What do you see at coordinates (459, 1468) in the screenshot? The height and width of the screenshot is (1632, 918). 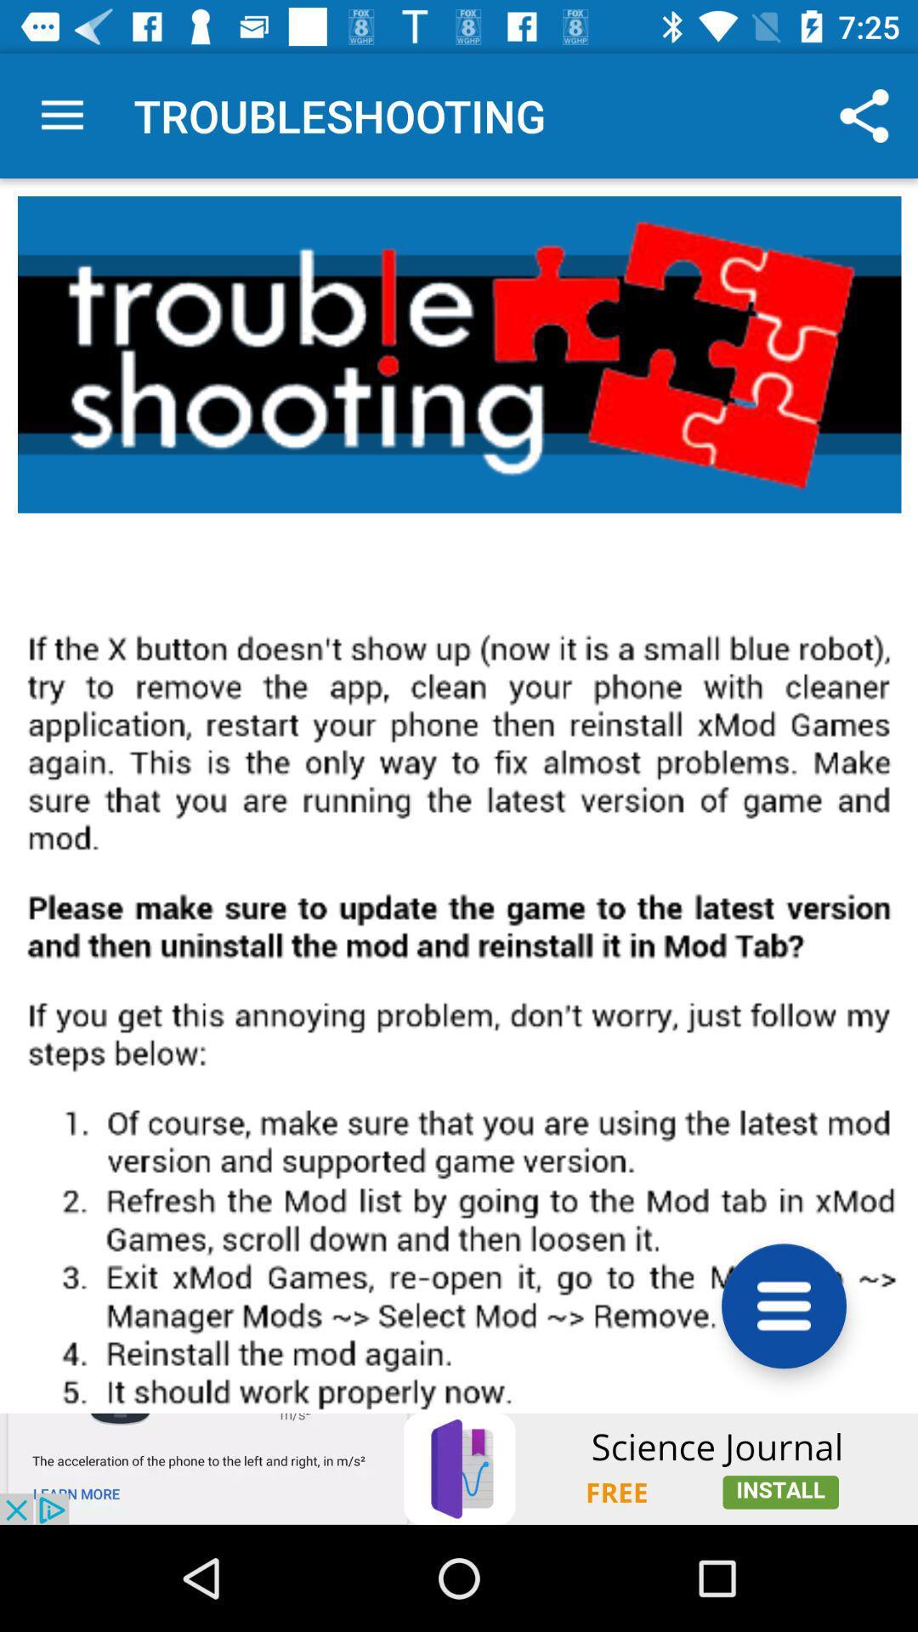 I see `showing the advertisement` at bounding box center [459, 1468].